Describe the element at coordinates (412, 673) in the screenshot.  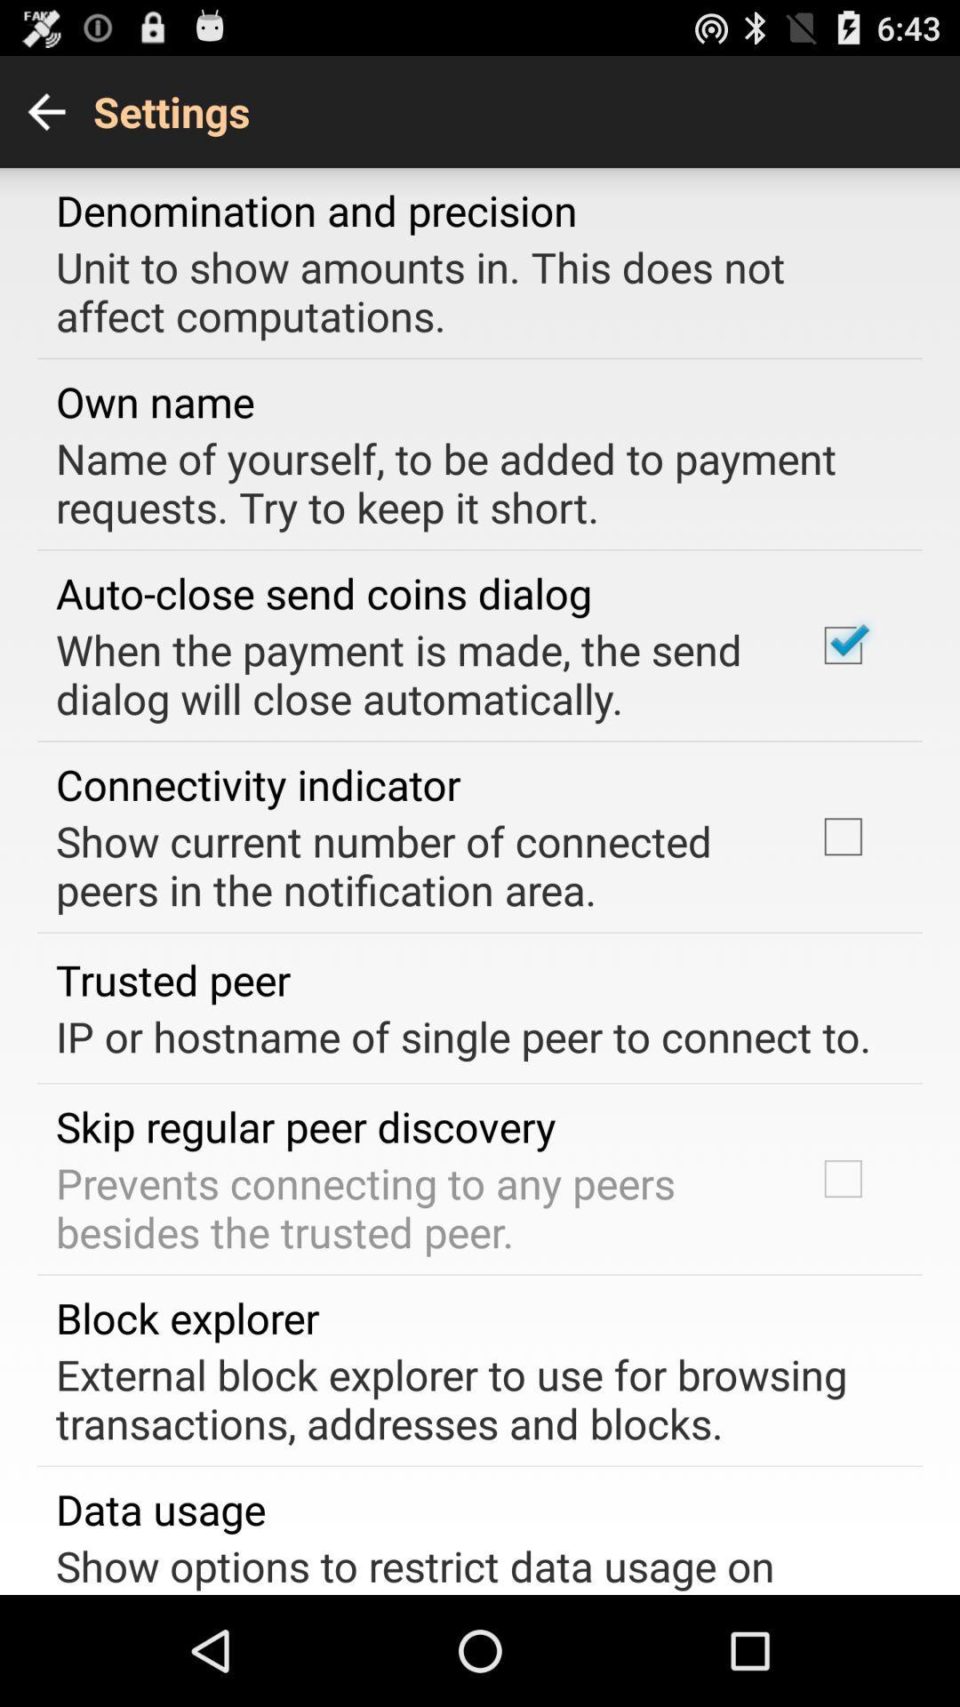
I see `the when the payment` at that location.